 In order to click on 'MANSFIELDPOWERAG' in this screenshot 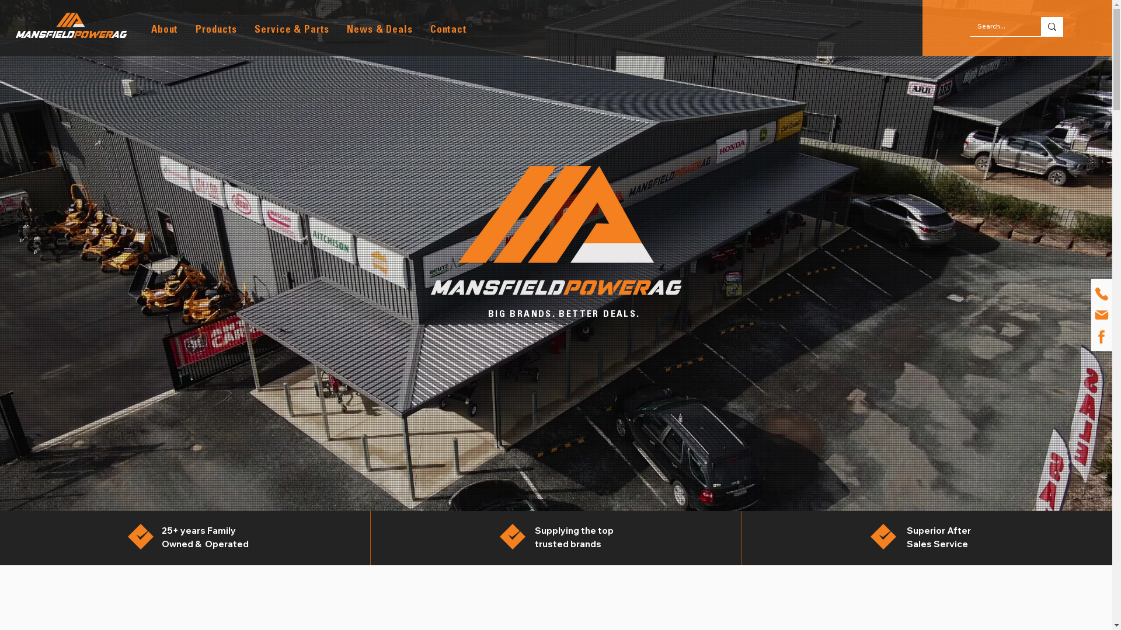, I will do `click(69, 34)`.